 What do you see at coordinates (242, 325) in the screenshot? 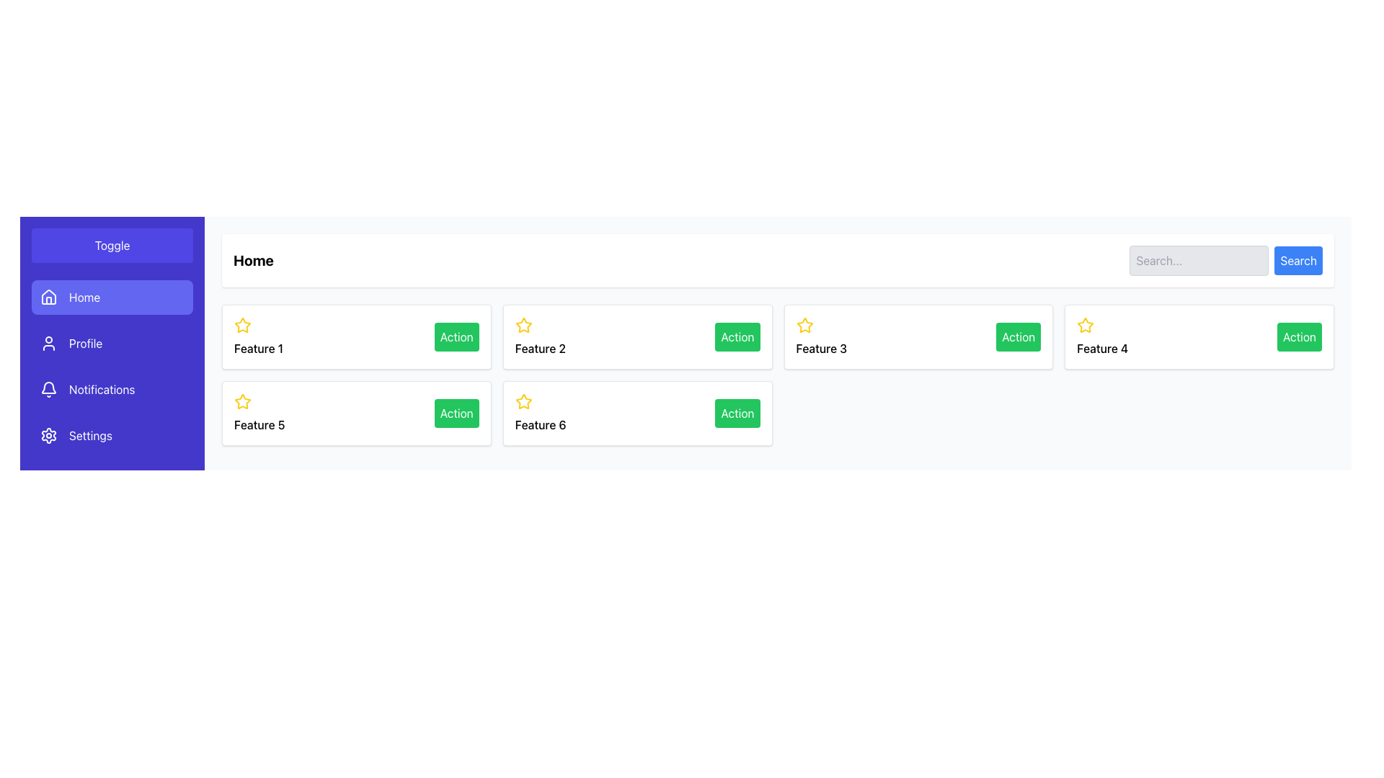
I see `the star-shaped icon outlined with a yellow border located within the 'Feature 1' box for accessibility purposes` at bounding box center [242, 325].